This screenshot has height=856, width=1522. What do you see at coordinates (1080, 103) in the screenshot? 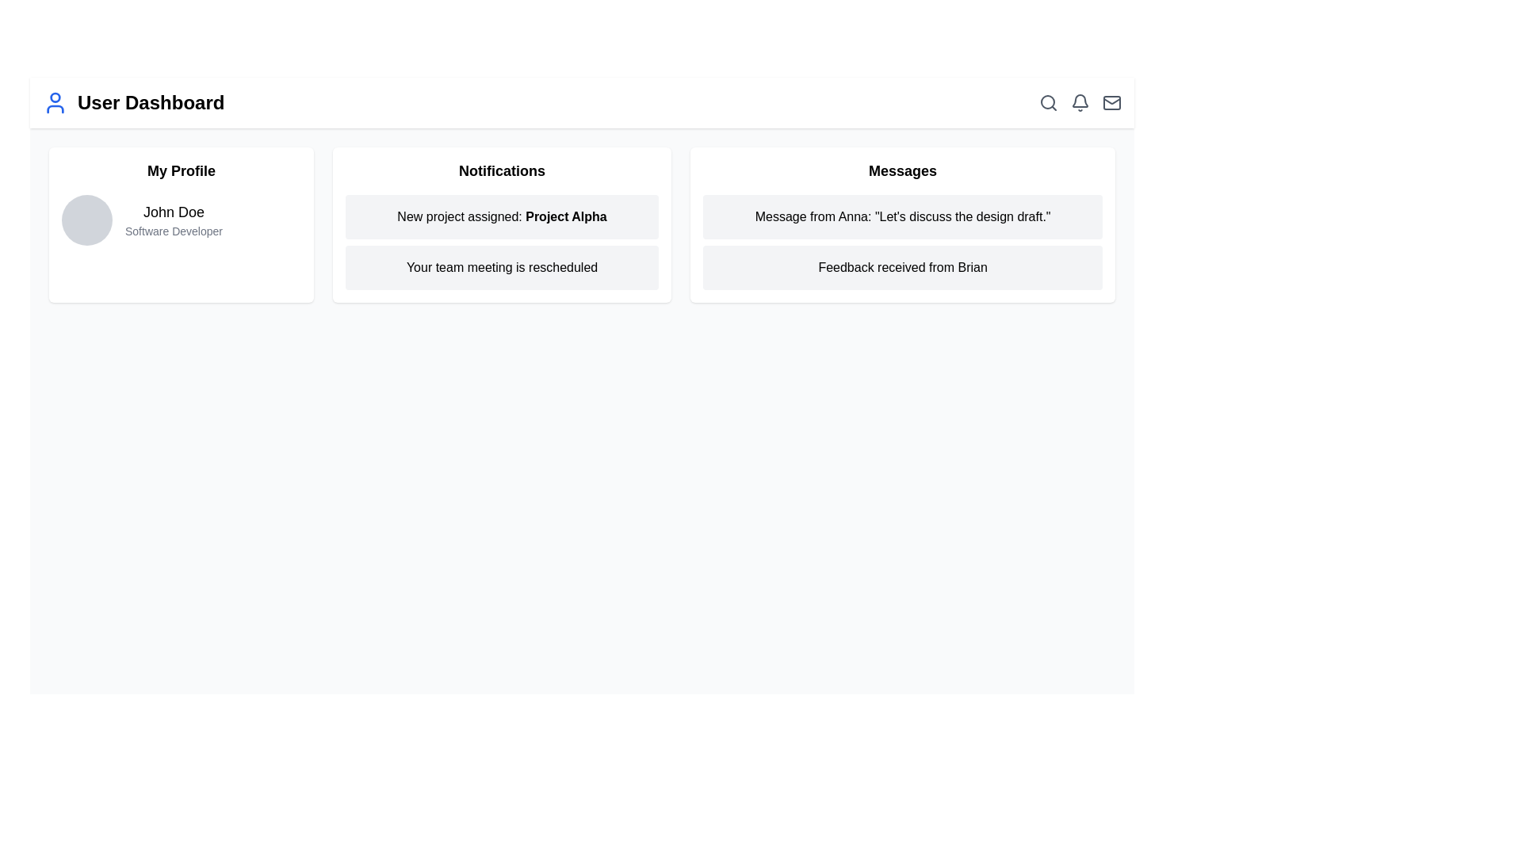
I see `the bell notification icon located on the right side of the user interface header` at bounding box center [1080, 103].